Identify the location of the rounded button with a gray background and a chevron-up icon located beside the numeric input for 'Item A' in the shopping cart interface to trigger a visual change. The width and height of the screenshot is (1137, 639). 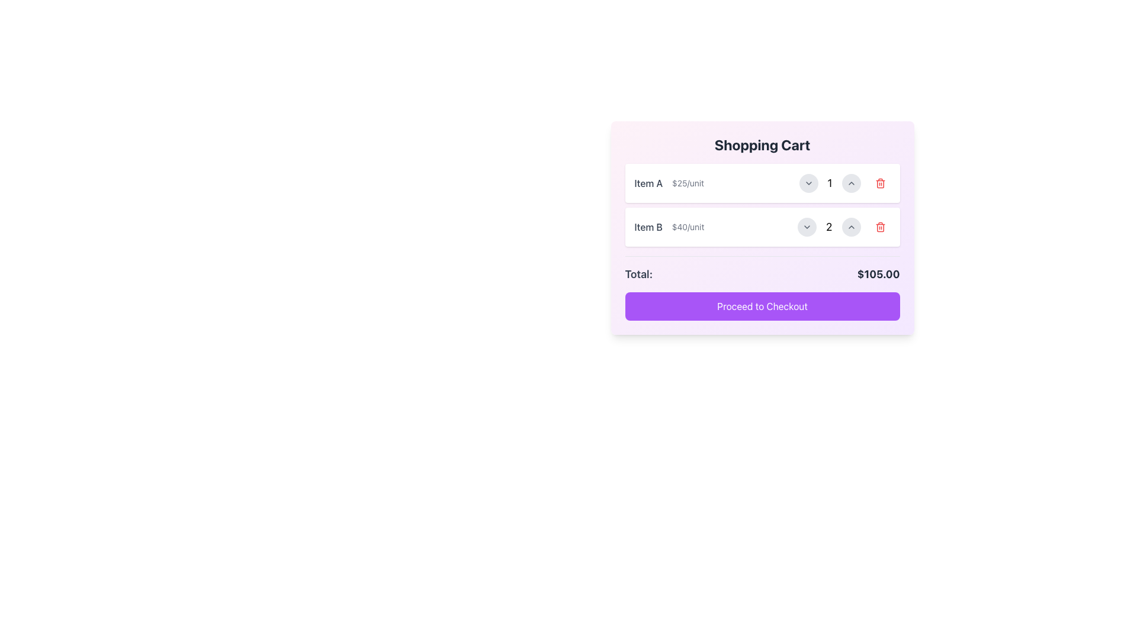
(850, 183).